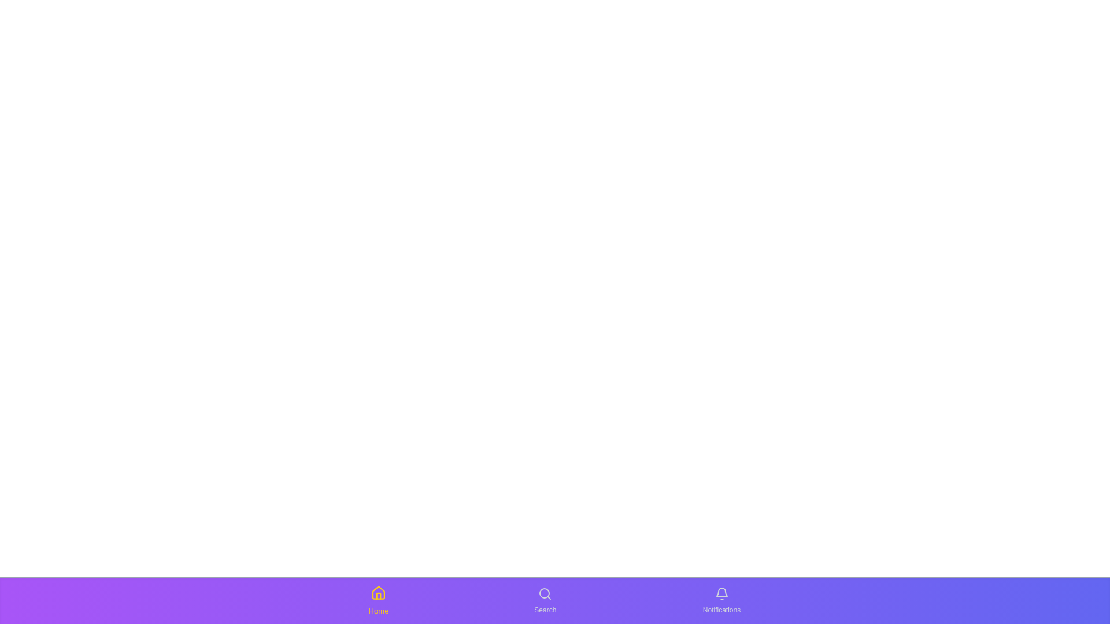 This screenshot has height=624, width=1110. I want to click on the Search tab to switch to it, so click(545, 600).